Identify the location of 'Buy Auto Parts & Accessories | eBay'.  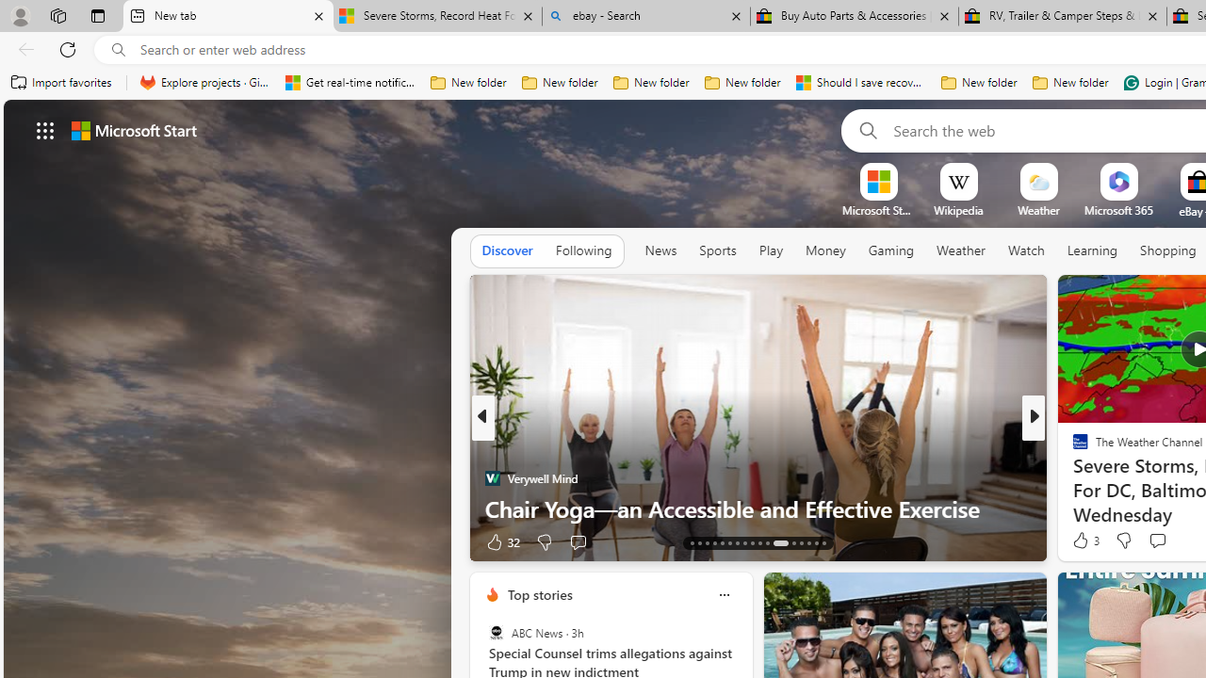
(854, 16).